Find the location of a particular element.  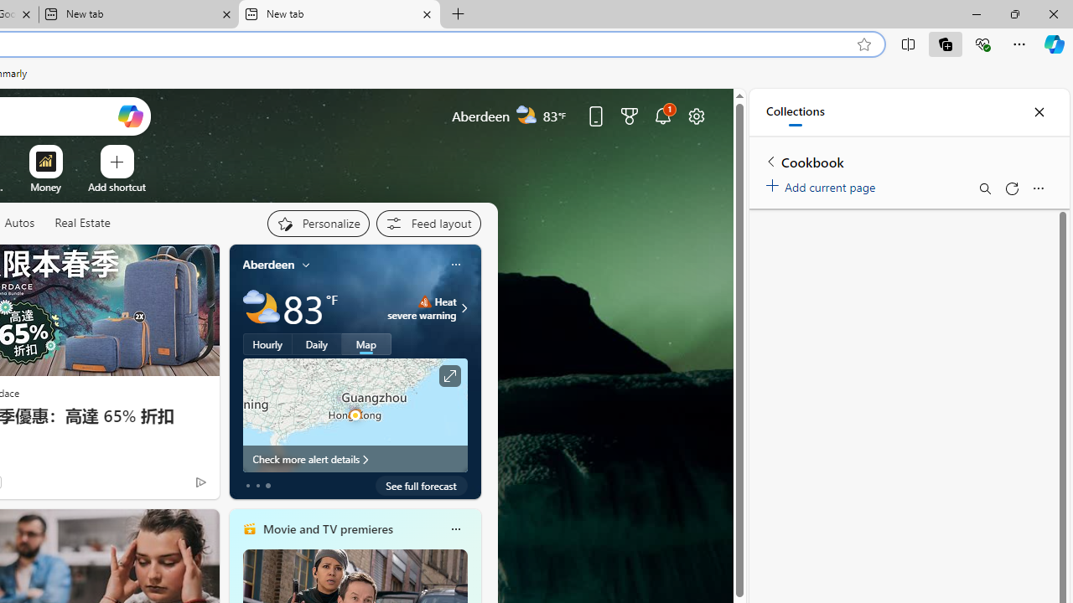

'Money' is located at coordinates (45, 187).